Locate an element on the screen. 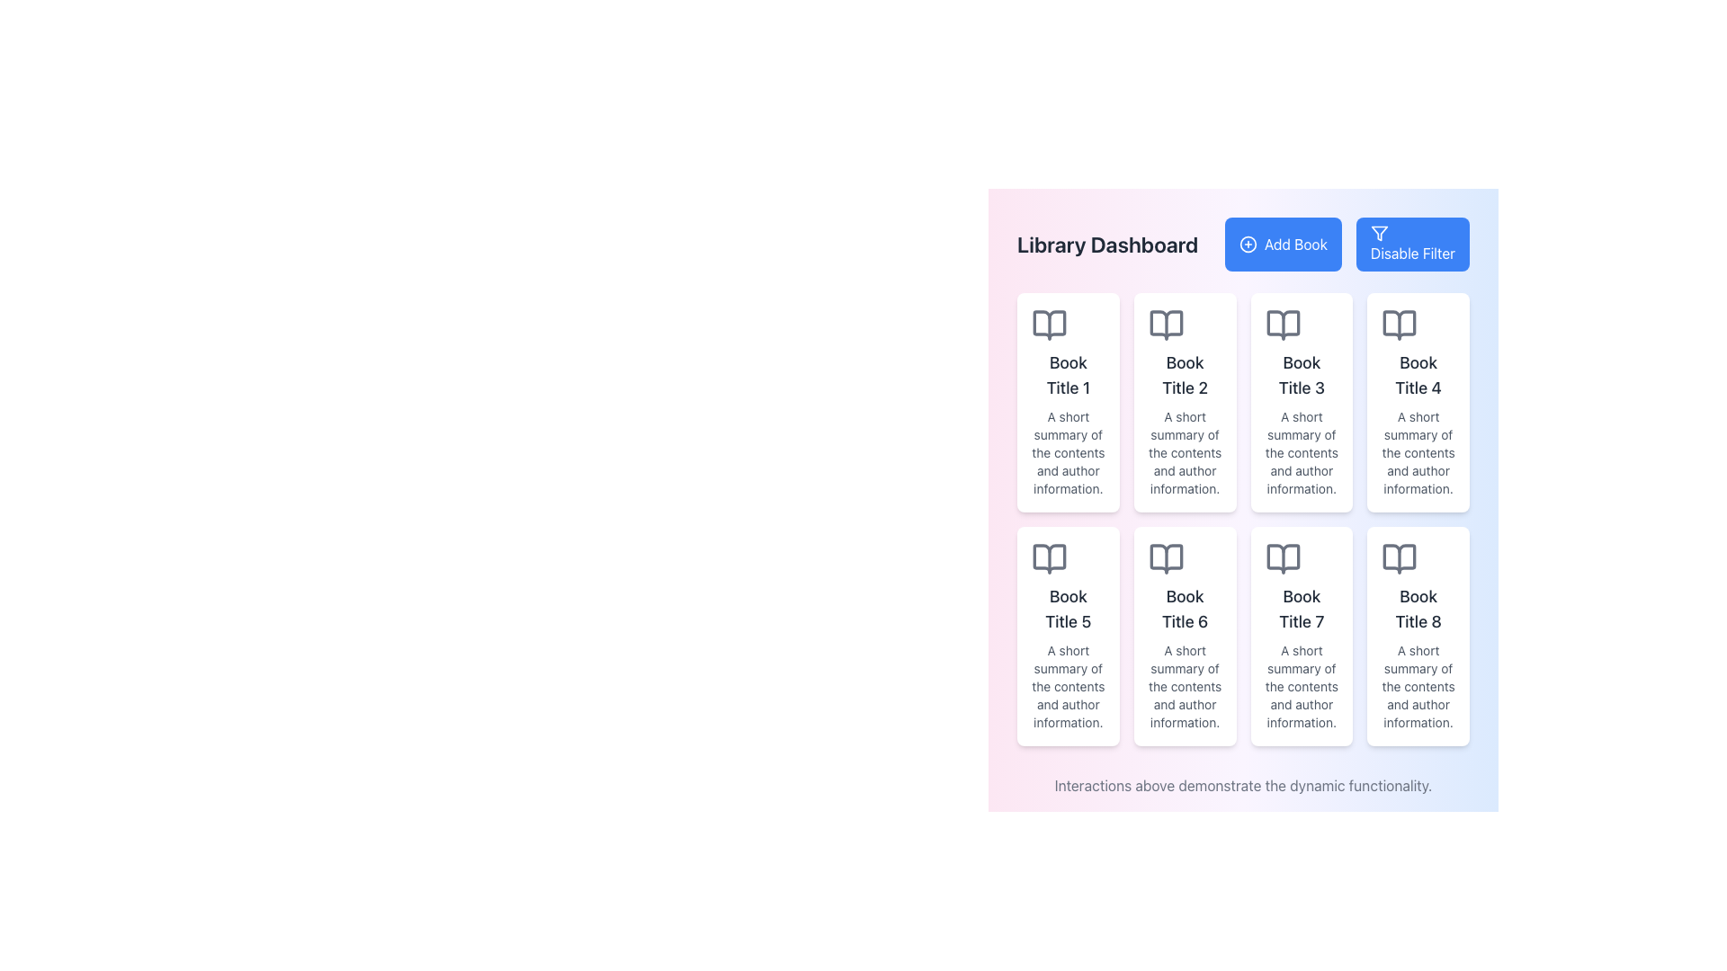 This screenshot has height=971, width=1727. the open book icon with a gray color and minimalistic outline, positioned above 'Book Title 2' in the second card of the top row is located at coordinates (1166, 325).